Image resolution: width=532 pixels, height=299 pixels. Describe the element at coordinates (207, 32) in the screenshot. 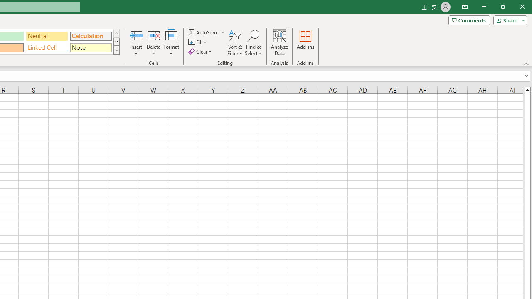

I see `'AutoSum'` at that location.